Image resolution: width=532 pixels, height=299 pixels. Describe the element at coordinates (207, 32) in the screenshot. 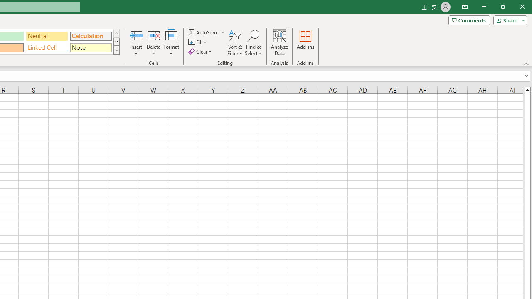

I see `'AutoSum'` at that location.